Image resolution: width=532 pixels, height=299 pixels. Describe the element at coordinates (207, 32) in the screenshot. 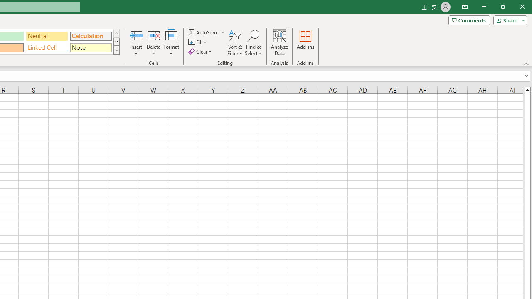

I see `'AutoSum'` at that location.